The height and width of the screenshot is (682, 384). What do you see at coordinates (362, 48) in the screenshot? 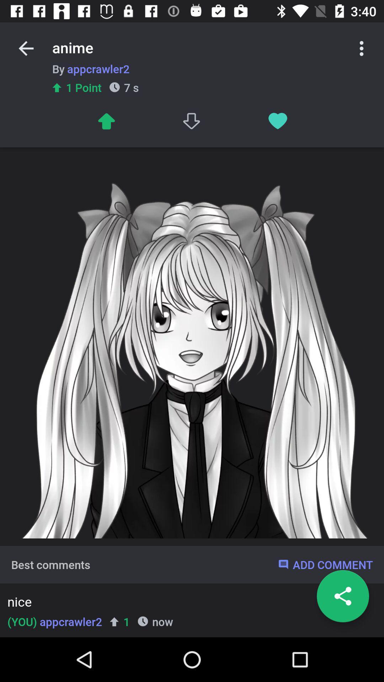
I see `the more icon` at bounding box center [362, 48].